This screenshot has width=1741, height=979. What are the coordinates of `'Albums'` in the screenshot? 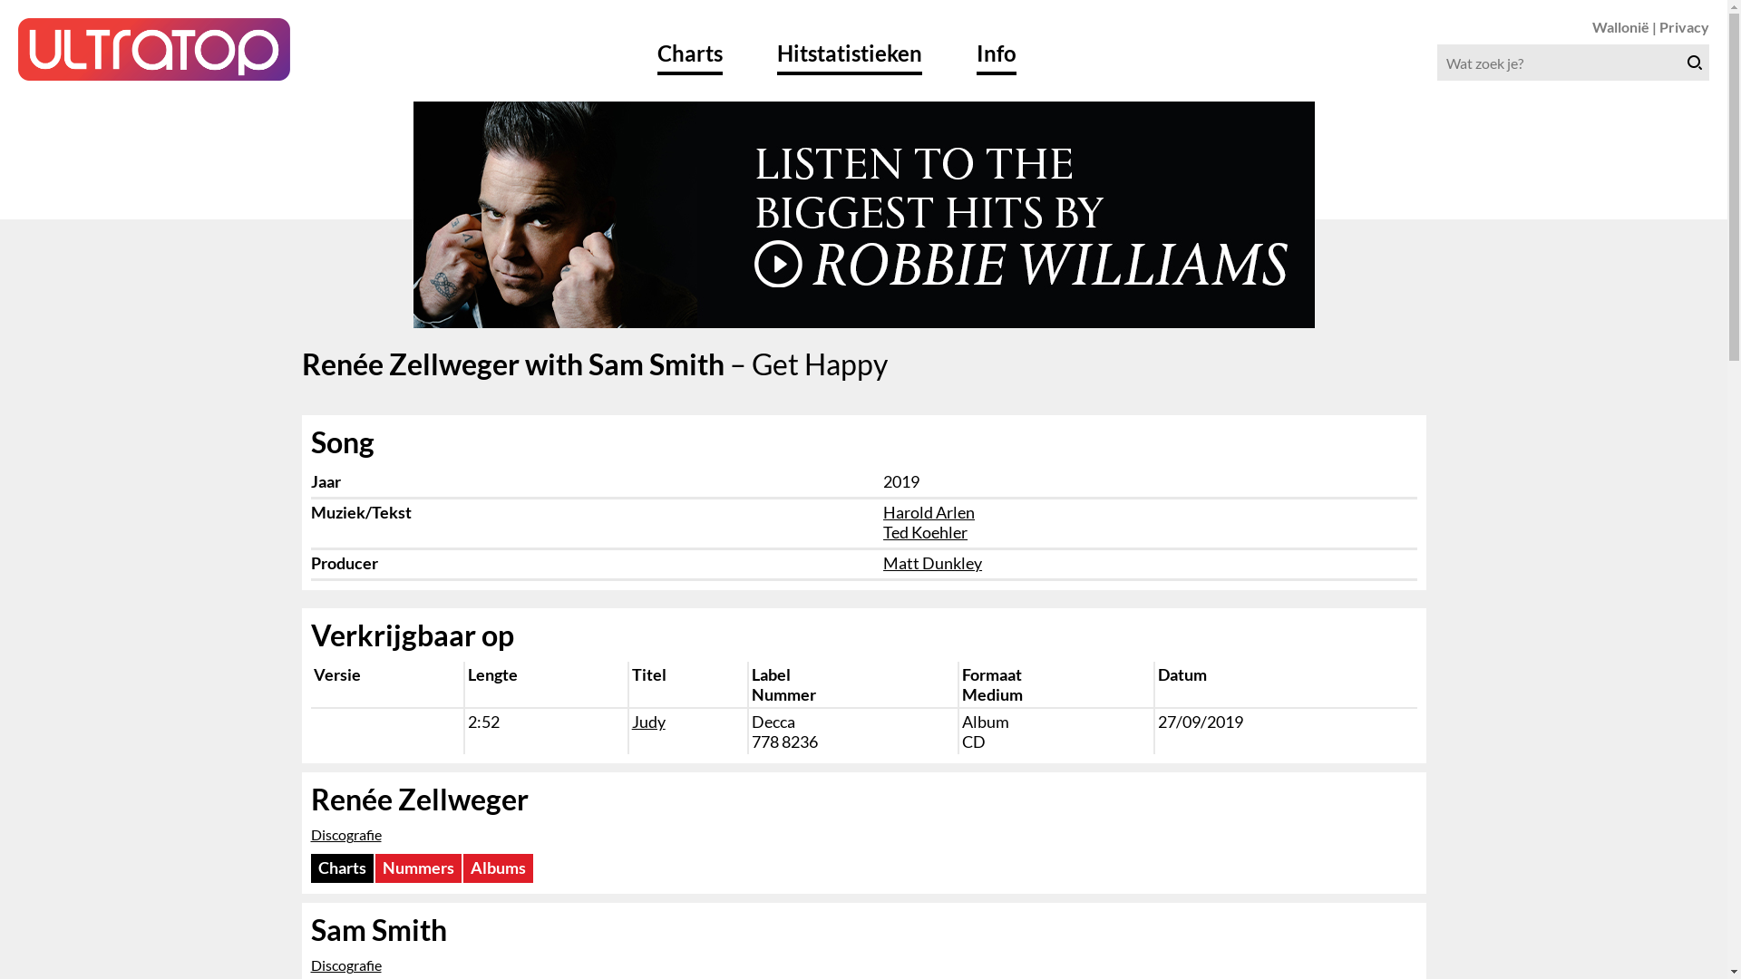 It's located at (497, 867).